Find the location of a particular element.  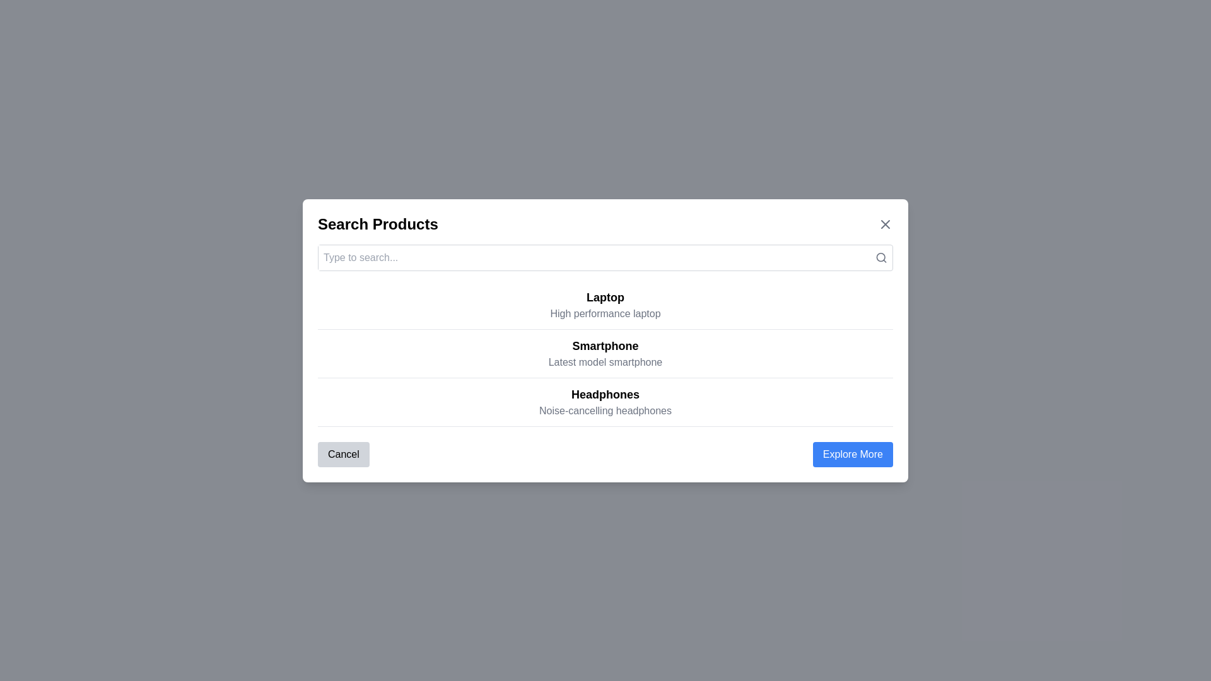

the text block containing 'Headphones' and 'Noise-cancelling headphones' which is the third entry in the list, located below 'Smartphone' and above 'Explore More' is located at coordinates (605, 402).